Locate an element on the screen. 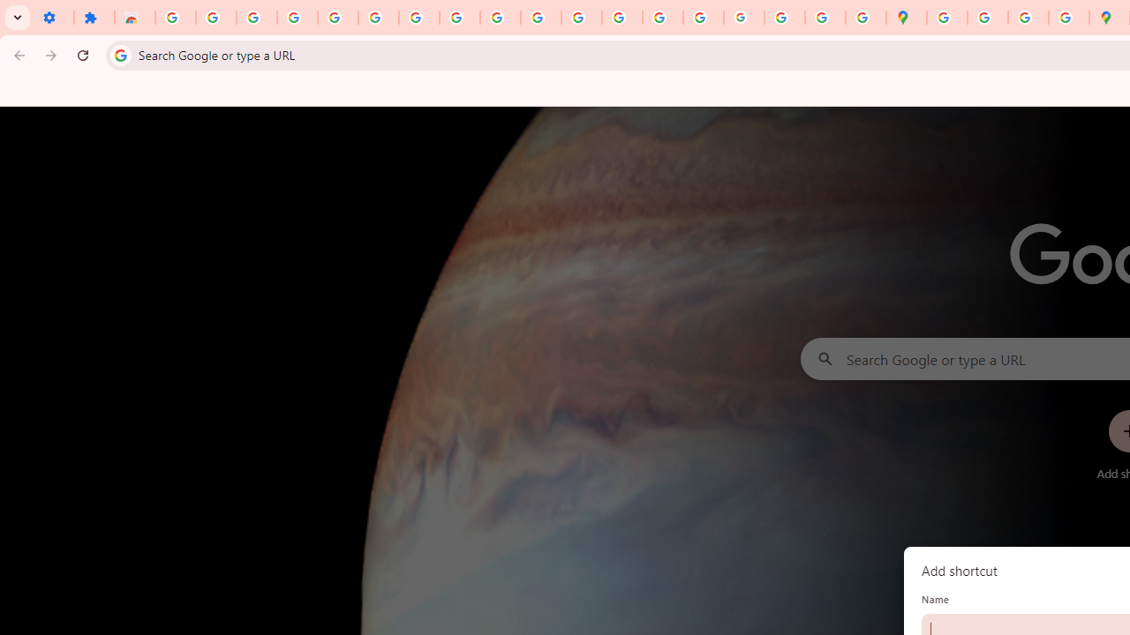 The width and height of the screenshot is (1130, 635). 'Safety in Our Products - Google Safety Center' is located at coordinates (1067, 18).